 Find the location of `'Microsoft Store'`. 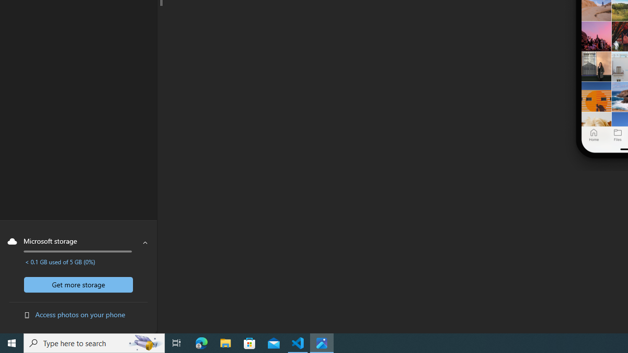

'Microsoft Store' is located at coordinates (250, 342).